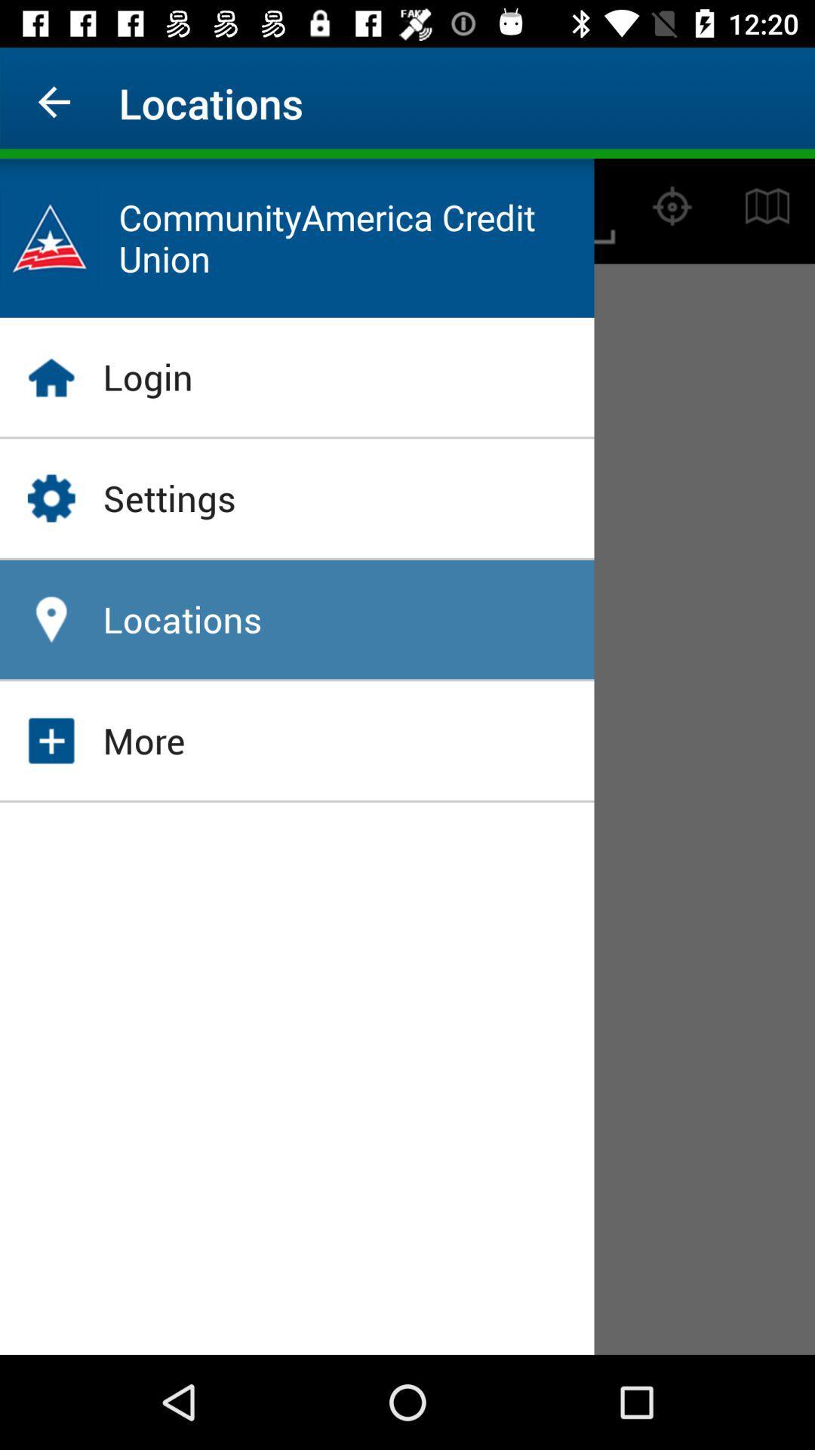 This screenshot has height=1450, width=815. What do you see at coordinates (672, 205) in the screenshot?
I see `the location_crosshair icon` at bounding box center [672, 205].